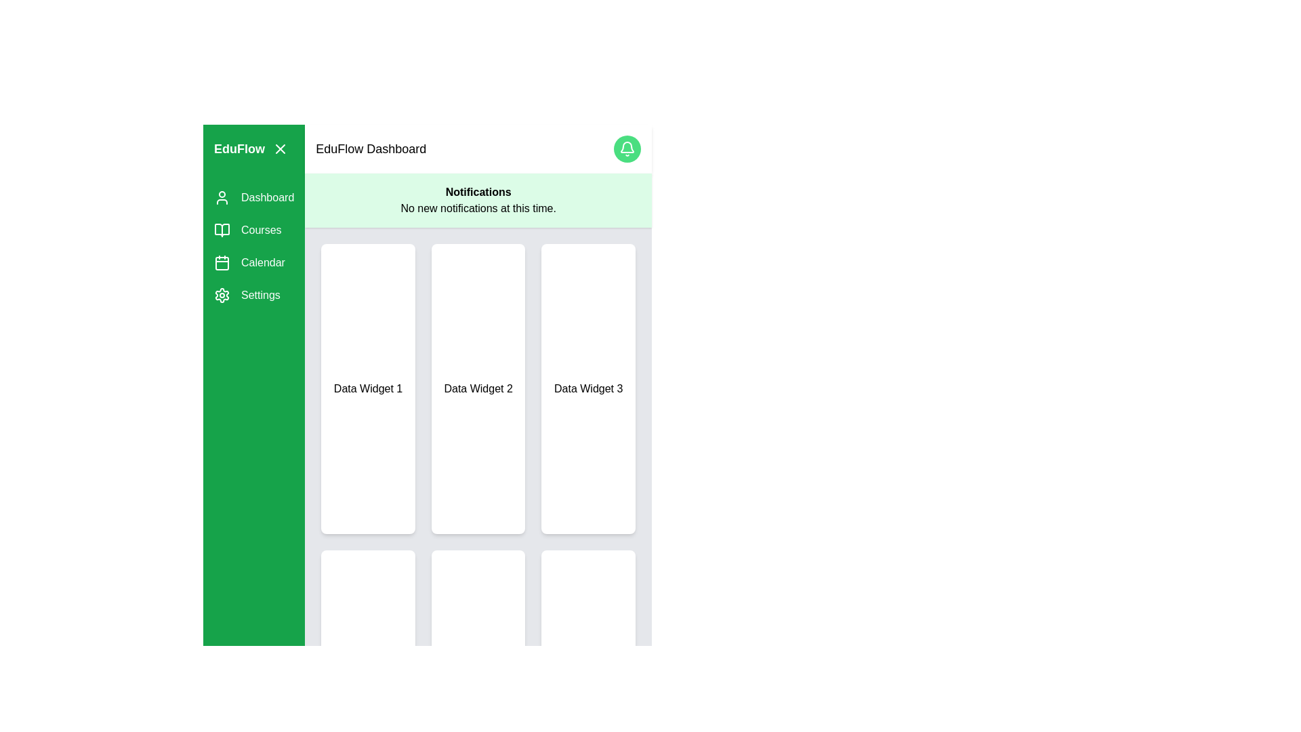 This screenshot has width=1301, height=732. Describe the element at coordinates (222, 294) in the screenshot. I see `the cog icon located in the sidebar on the left-hand side of the interface below the menu options` at that location.